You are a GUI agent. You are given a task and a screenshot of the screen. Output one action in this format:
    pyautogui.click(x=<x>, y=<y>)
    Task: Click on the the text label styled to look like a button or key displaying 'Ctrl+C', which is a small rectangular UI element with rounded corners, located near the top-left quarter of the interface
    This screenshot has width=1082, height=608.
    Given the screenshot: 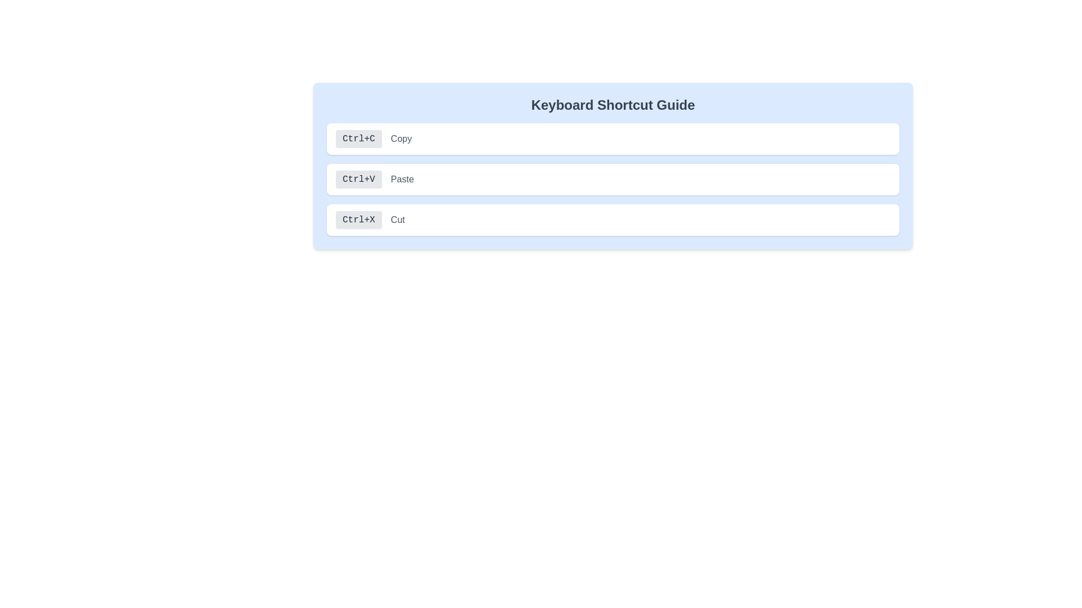 What is the action you would take?
    pyautogui.click(x=358, y=138)
    